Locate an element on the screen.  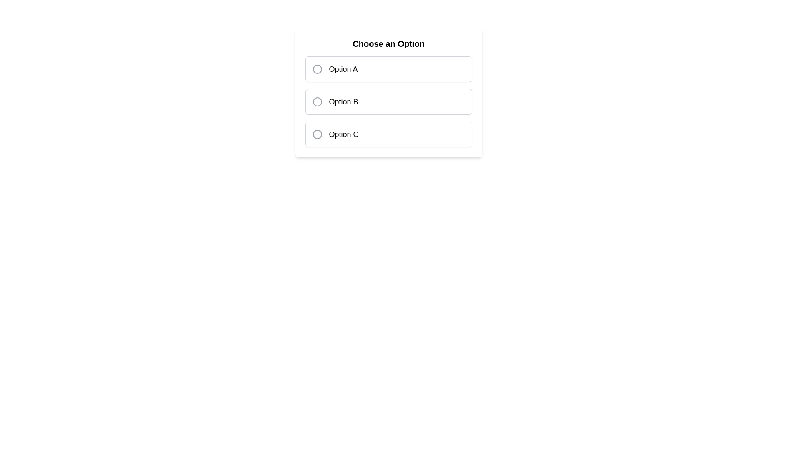
the radio button associated with 'Option B' is located at coordinates (317, 101).